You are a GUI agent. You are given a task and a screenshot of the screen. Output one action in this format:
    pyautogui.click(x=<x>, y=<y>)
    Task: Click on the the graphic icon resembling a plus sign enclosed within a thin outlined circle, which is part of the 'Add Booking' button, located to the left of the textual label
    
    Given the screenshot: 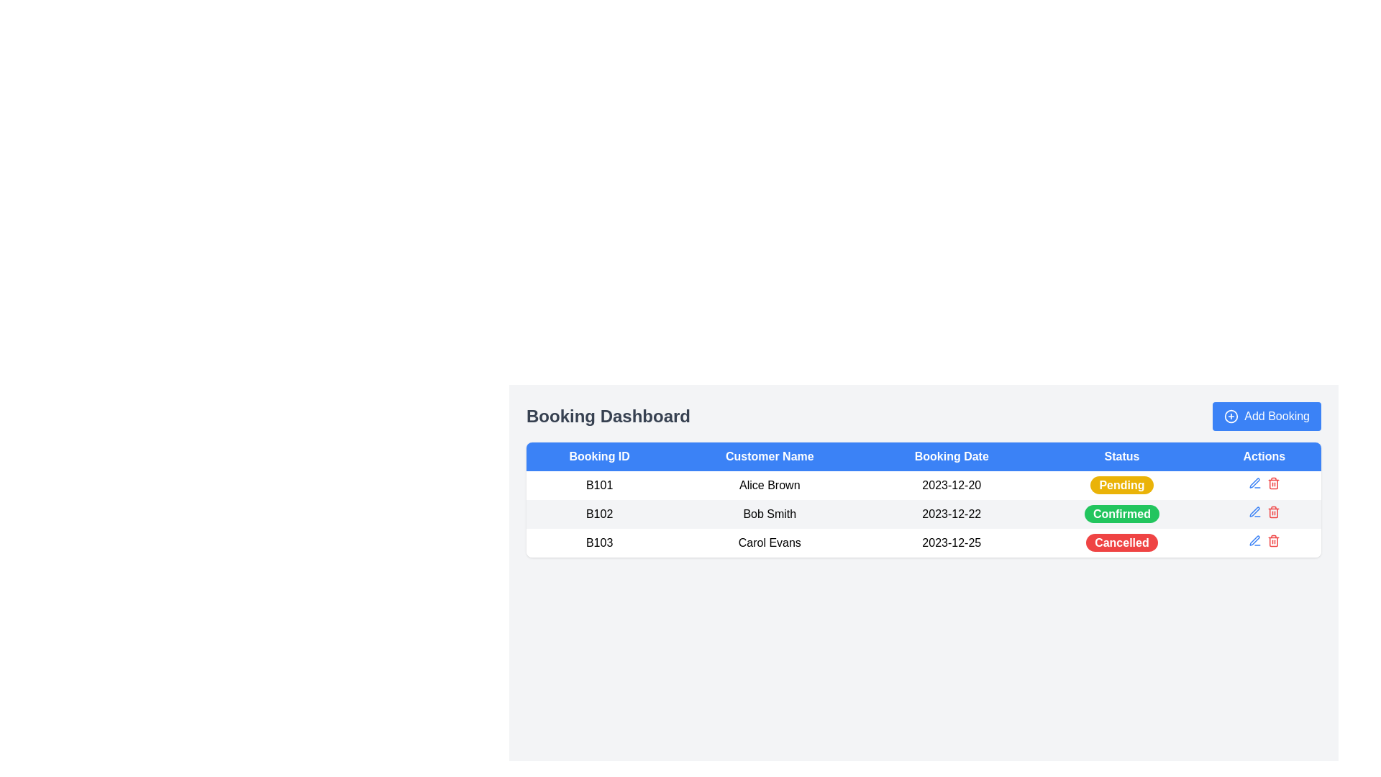 What is the action you would take?
    pyautogui.click(x=1231, y=416)
    